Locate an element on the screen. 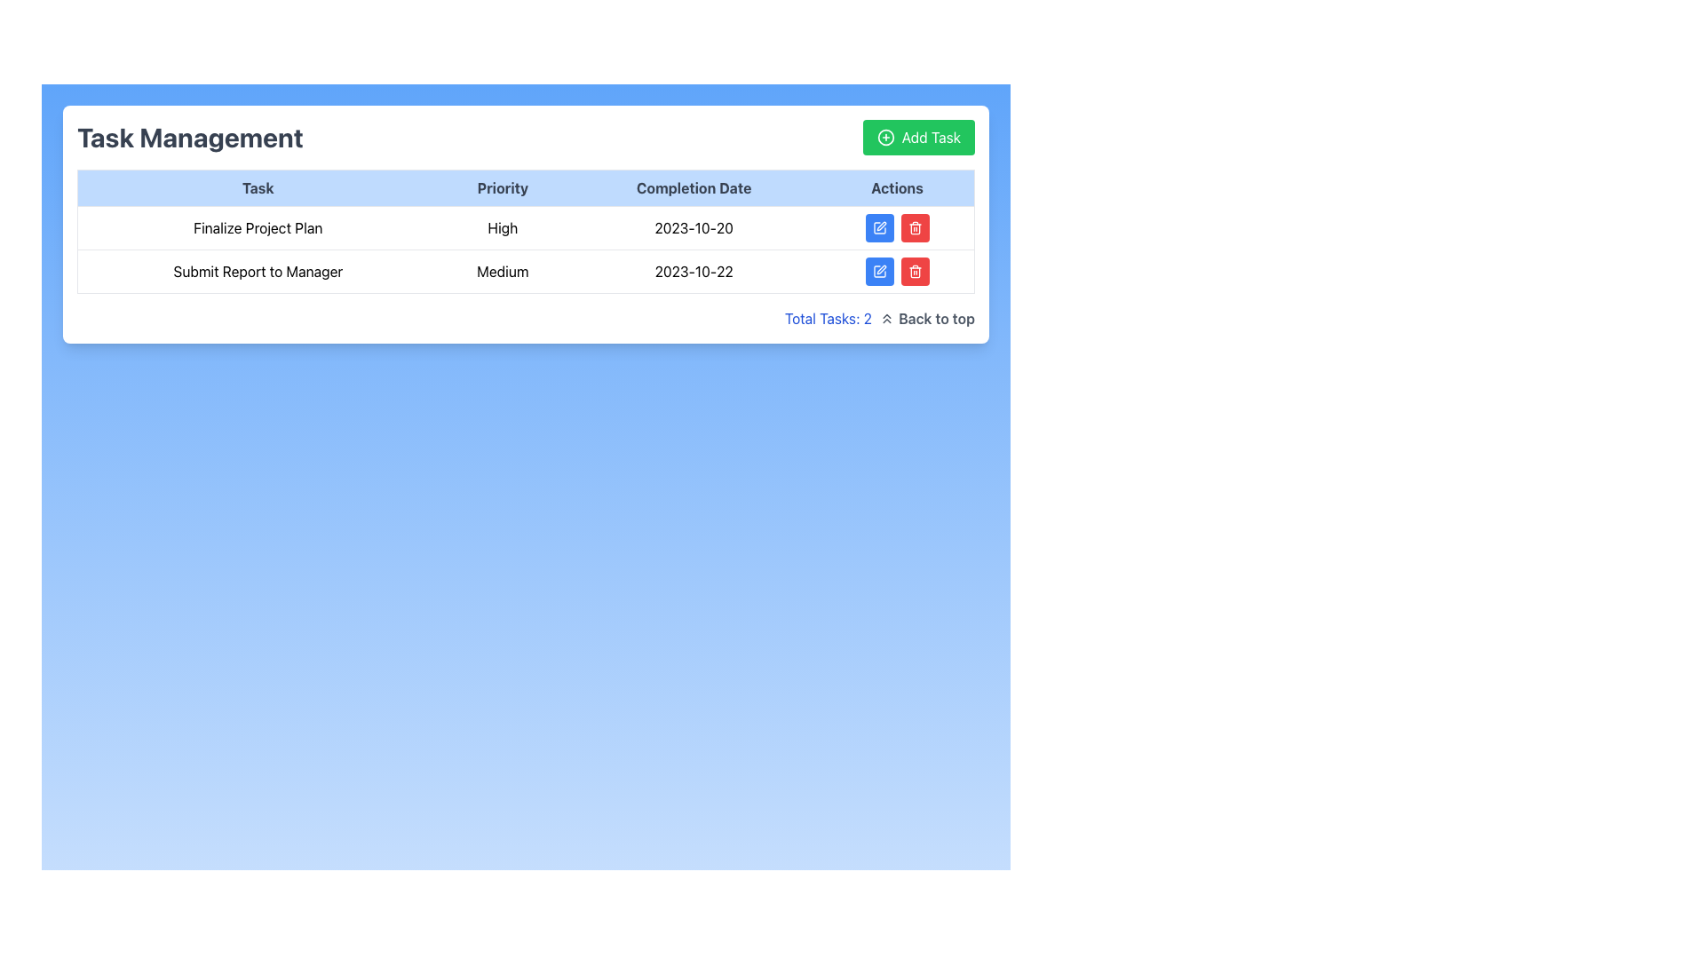  prominently styled text label that reads 'Task Management', located at the top-left of the content section is located at coordinates (190, 136).